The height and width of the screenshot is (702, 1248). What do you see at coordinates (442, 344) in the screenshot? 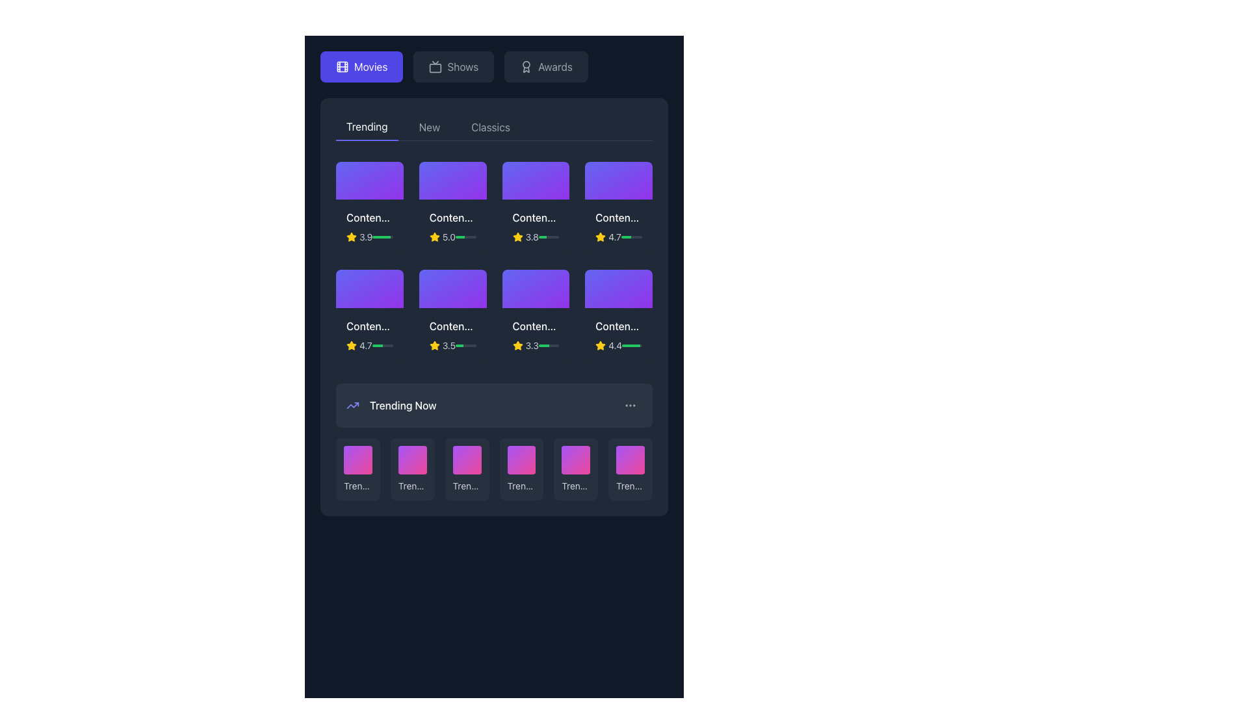
I see `the rating display component located in the second row, fifth column of the grid` at bounding box center [442, 344].